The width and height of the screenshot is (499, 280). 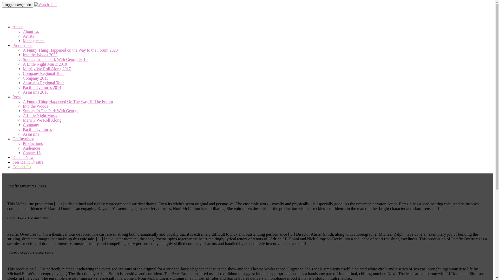 I want to click on 'Artists', so click(x=28, y=36).